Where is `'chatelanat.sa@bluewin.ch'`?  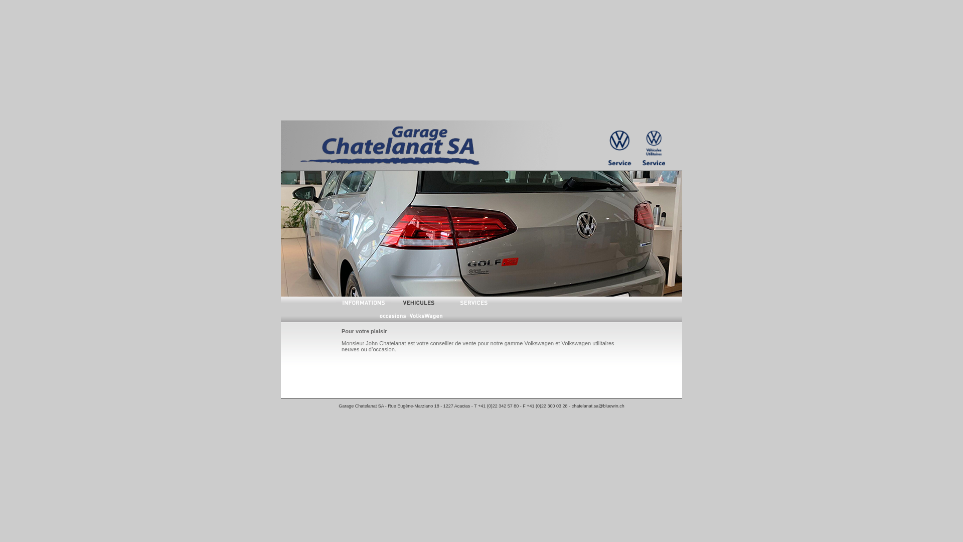
'chatelanat.sa@bluewin.ch' is located at coordinates (572, 405).